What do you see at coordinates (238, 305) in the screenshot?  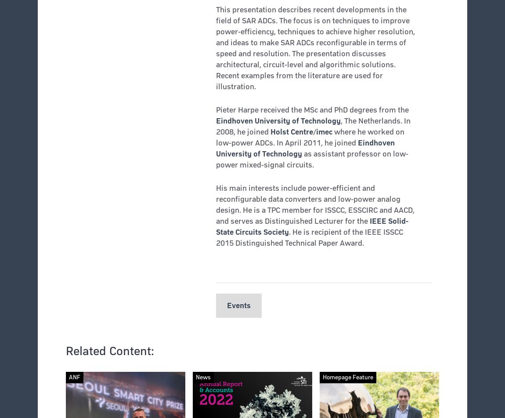 I see `'Events'` at bounding box center [238, 305].